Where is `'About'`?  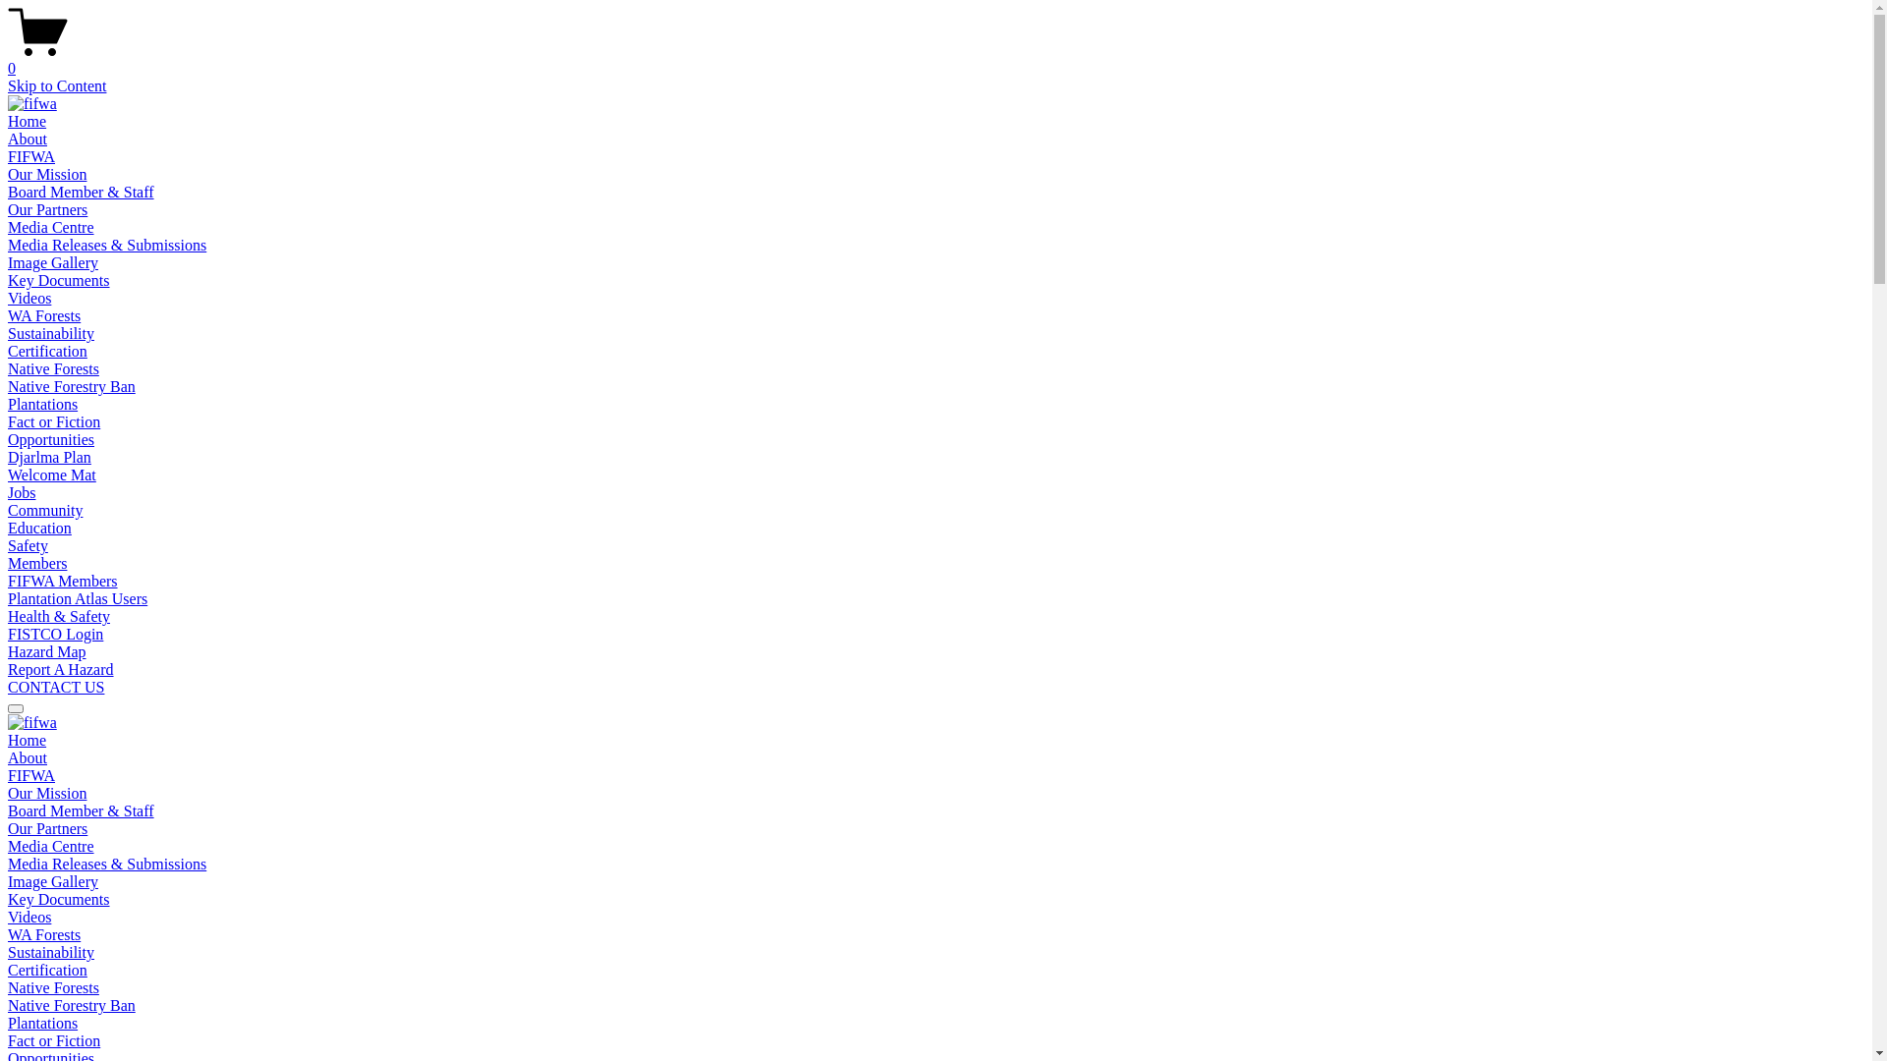 'About' is located at coordinates (28, 756).